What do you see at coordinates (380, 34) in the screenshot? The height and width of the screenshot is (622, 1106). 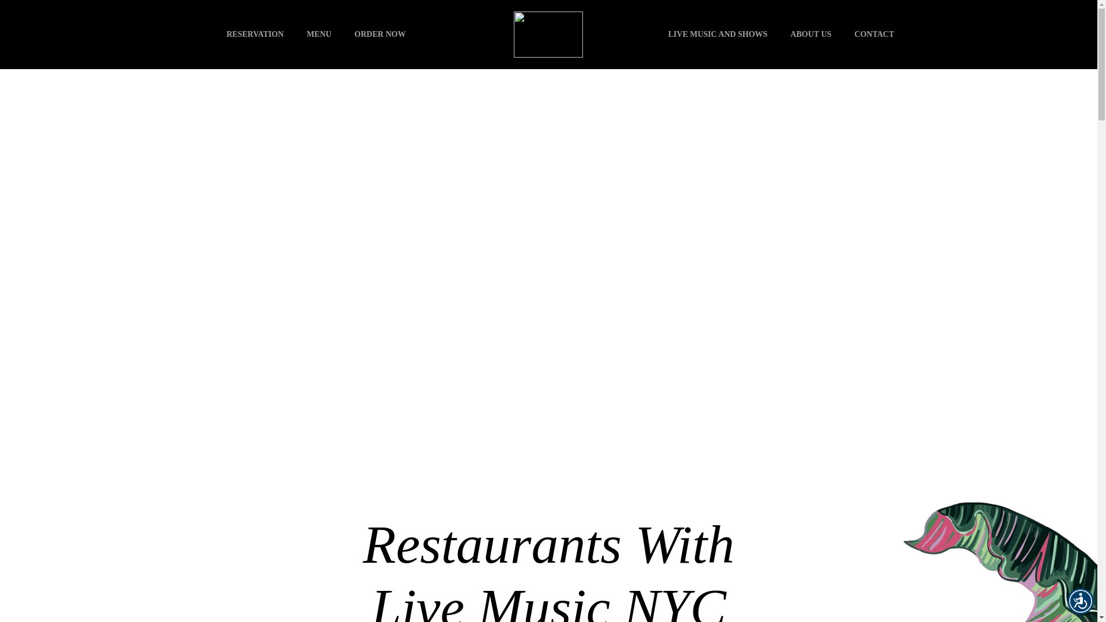 I see `'ORDER NOW'` at bounding box center [380, 34].